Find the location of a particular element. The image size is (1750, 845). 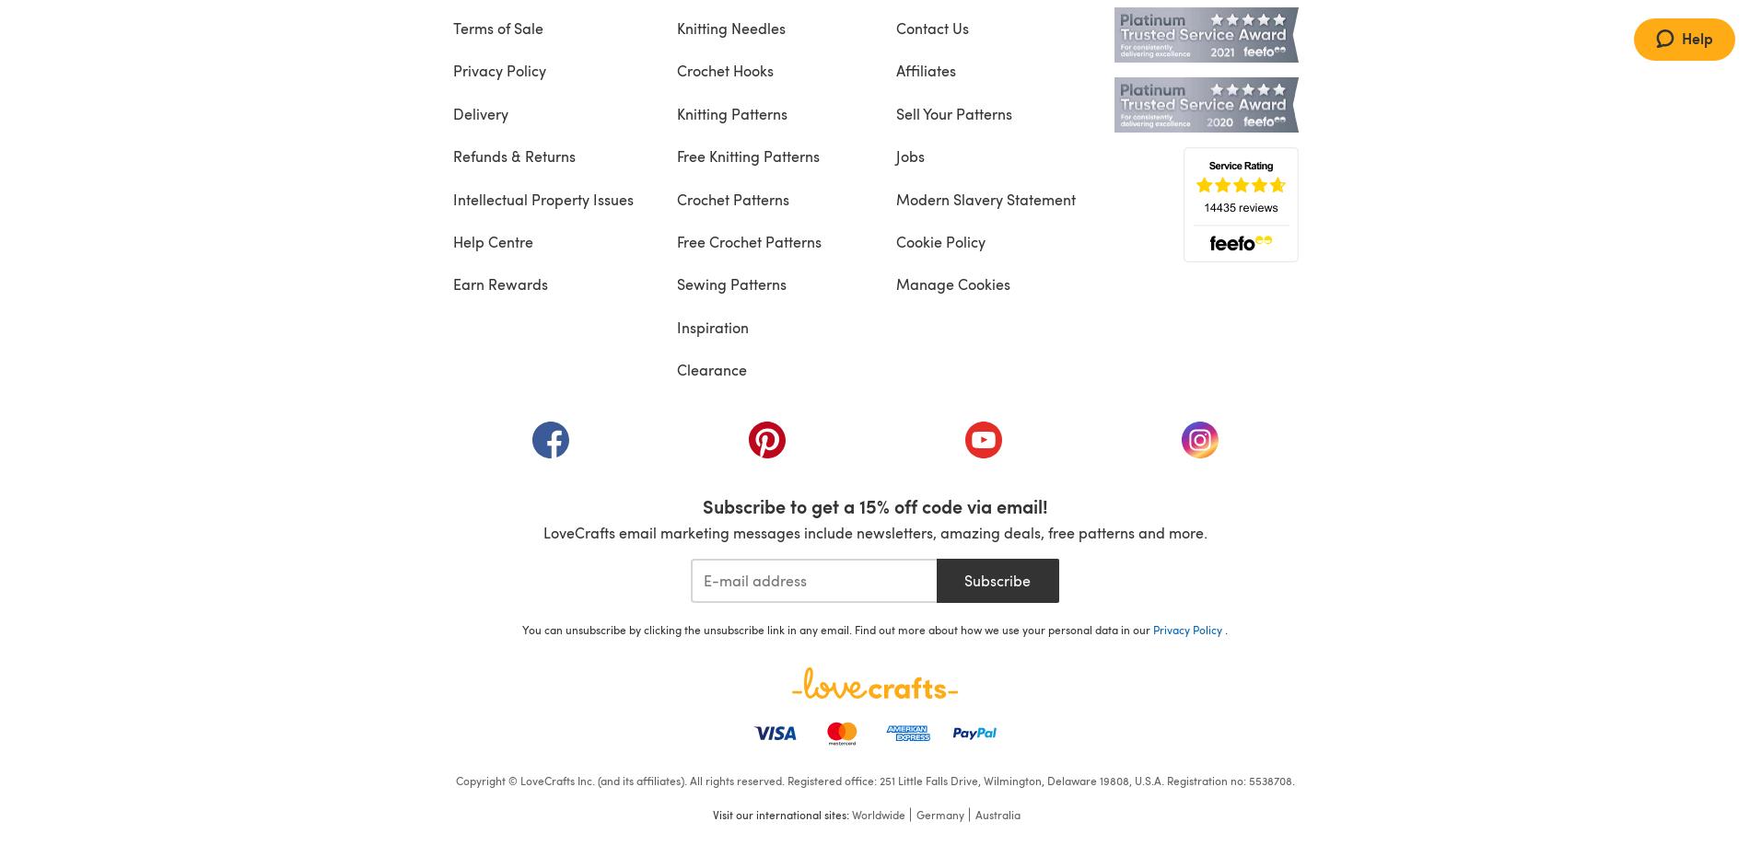

'Help Centre' is located at coordinates (493, 239).